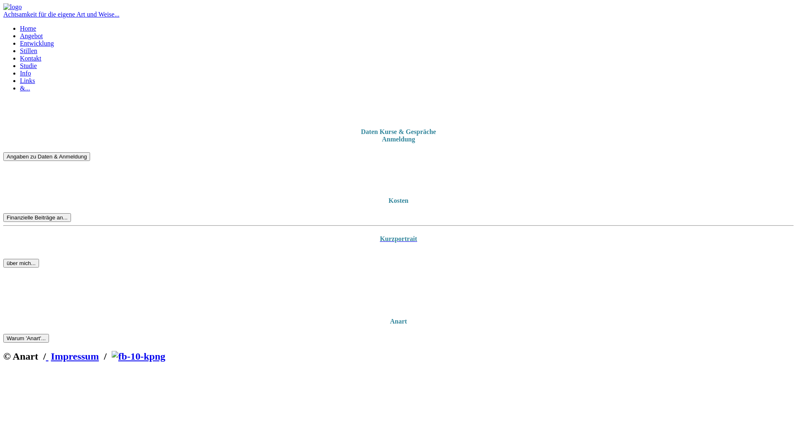  What do you see at coordinates (20, 35) in the screenshot?
I see `'Angebot'` at bounding box center [20, 35].